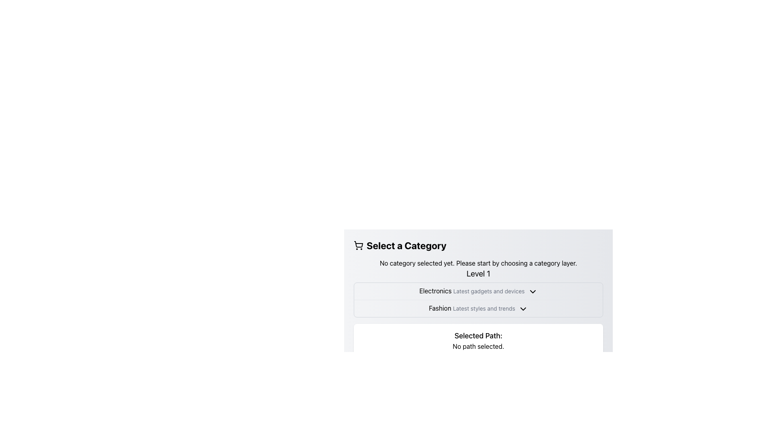 The width and height of the screenshot is (771, 434). What do you see at coordinates (478, 298) in the screenshot?
I see `the dropdown arrow in the category selection menu located under the title 'Select a Category'` at bounding box center [478, 298].